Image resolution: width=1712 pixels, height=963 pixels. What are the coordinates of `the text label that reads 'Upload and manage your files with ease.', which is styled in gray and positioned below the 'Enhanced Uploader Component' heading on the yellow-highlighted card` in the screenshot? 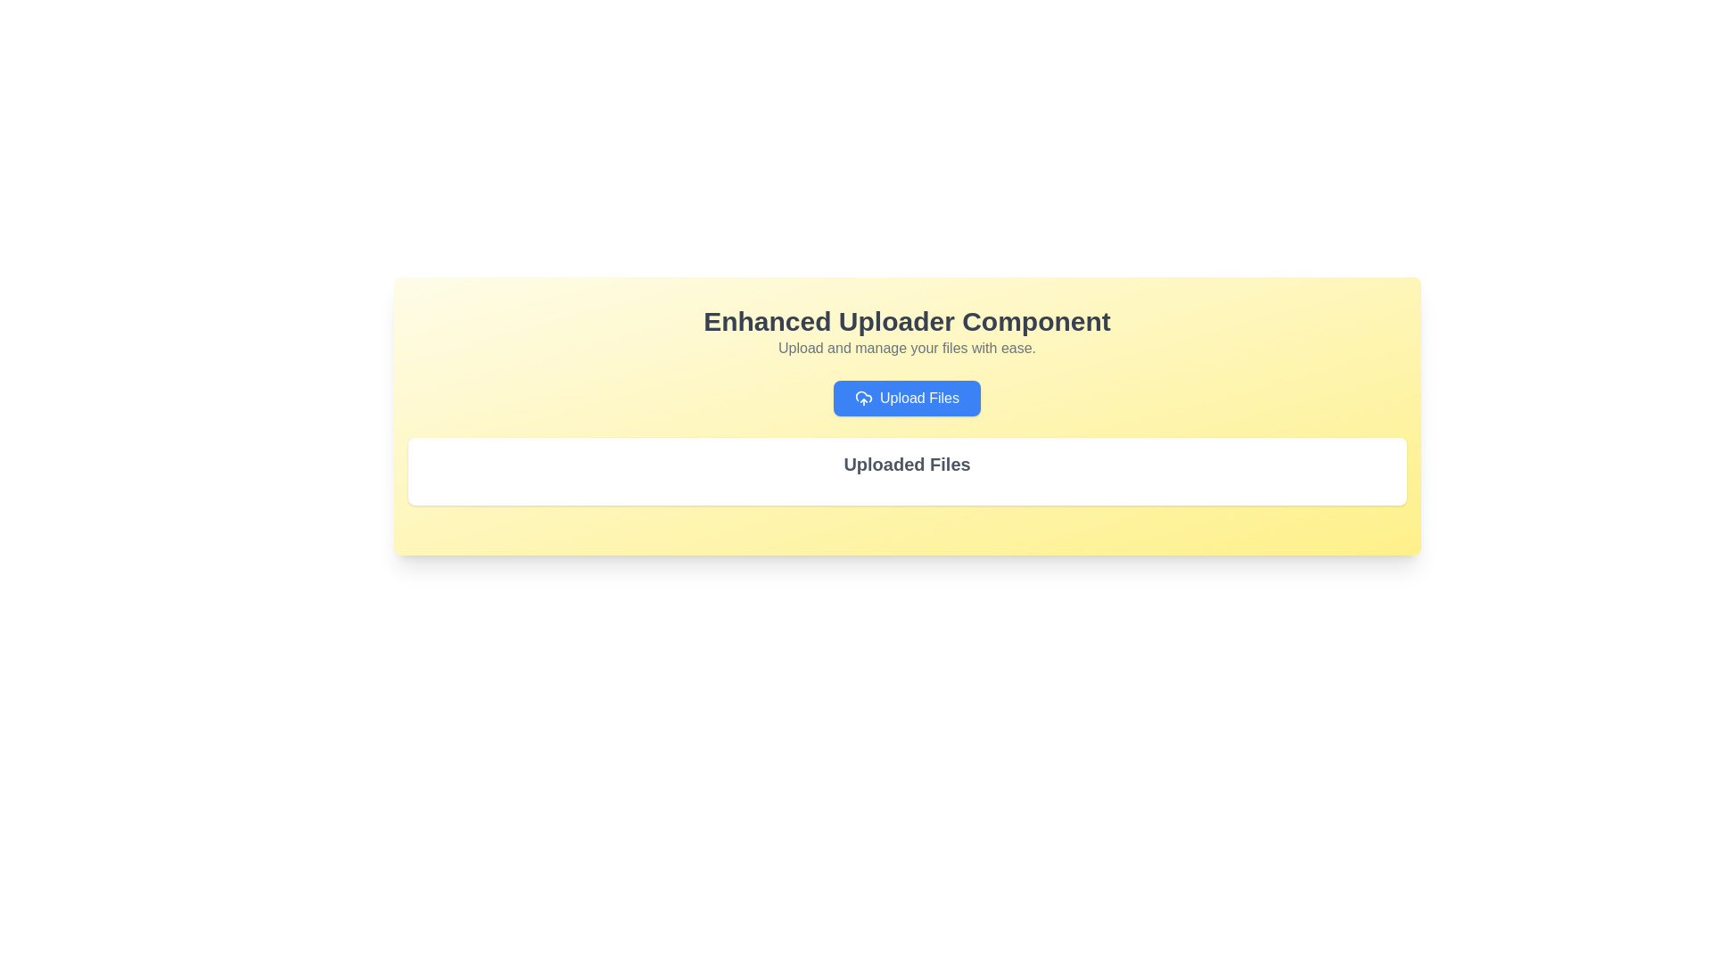 It's located at (907, 348).